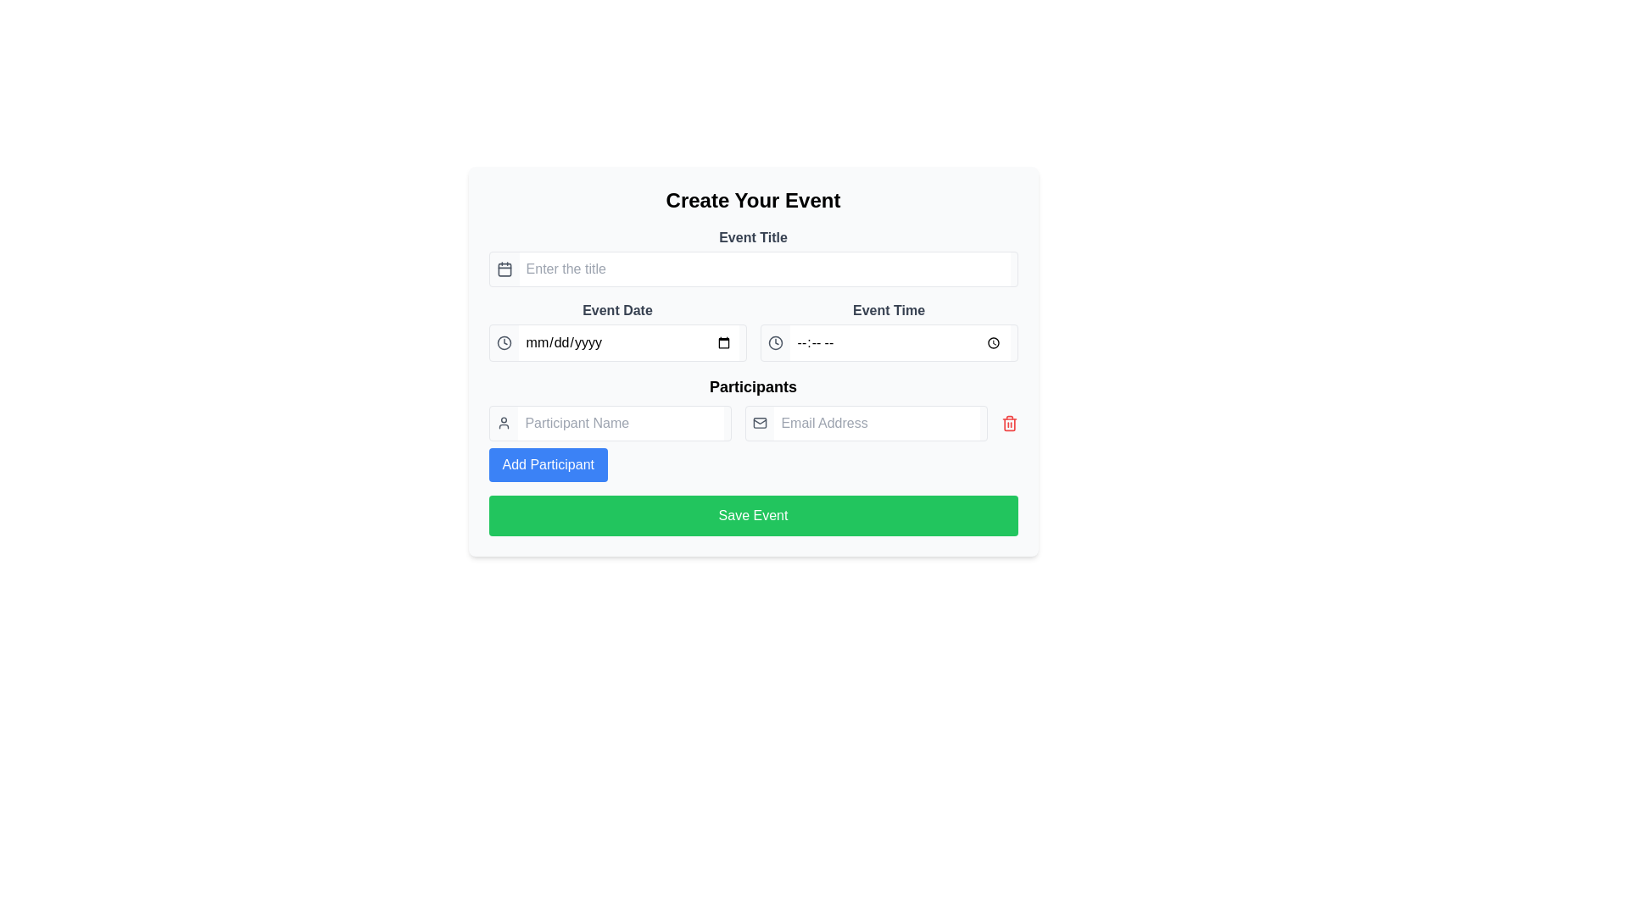  I want to click on the red trash bin icon button located to the far right of the row containing the 'Participant Name' and 'Email Address' input fields in the Participants section of the form, so click(1009, 423).